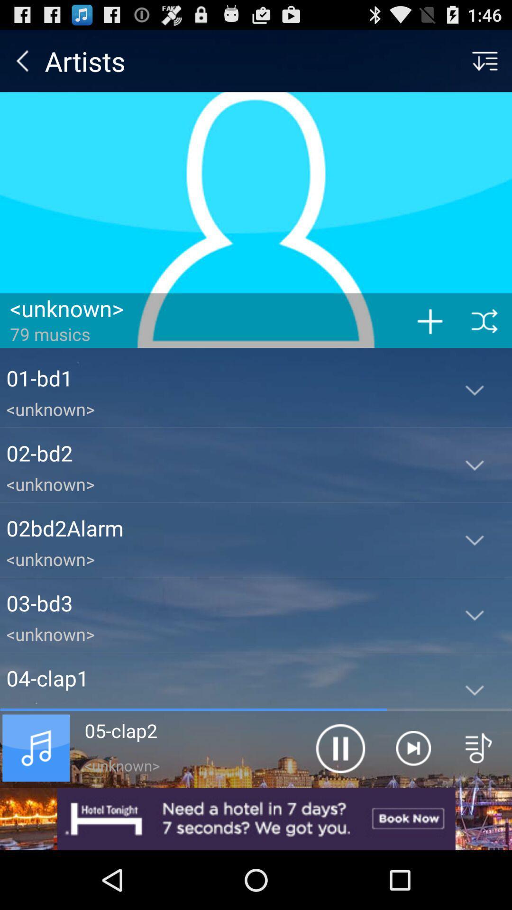 The image size is (512, 910). I want to click on the 02bd2alarm app, so click(221, 528).